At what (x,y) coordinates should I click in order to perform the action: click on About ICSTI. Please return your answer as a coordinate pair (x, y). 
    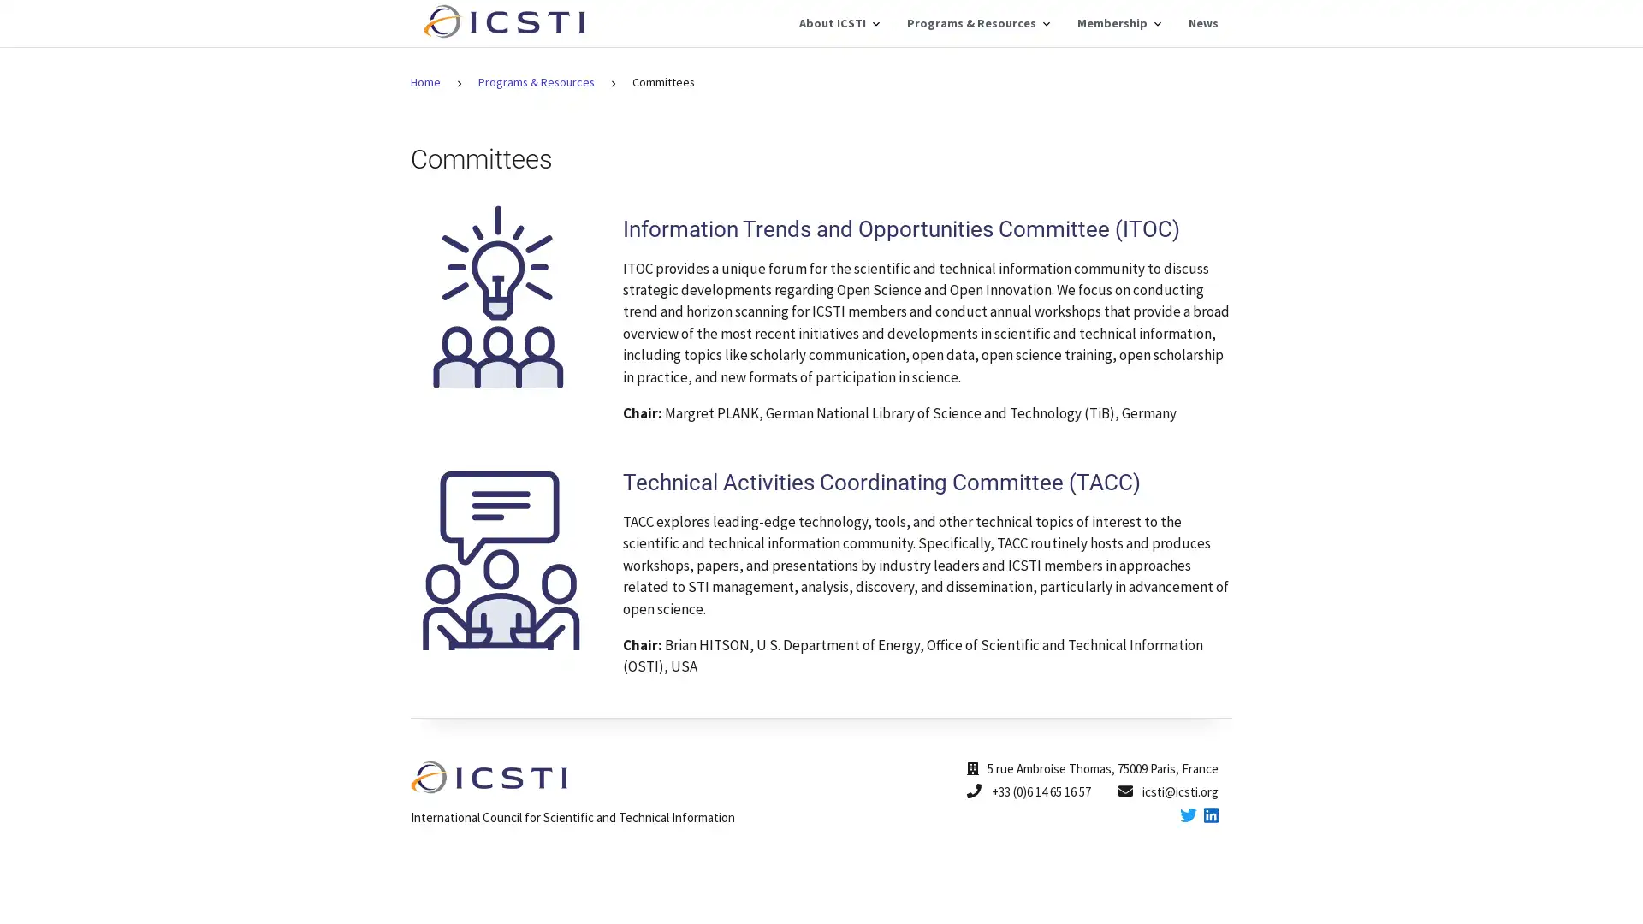
    Looking at the image, I should click on (839, 23).